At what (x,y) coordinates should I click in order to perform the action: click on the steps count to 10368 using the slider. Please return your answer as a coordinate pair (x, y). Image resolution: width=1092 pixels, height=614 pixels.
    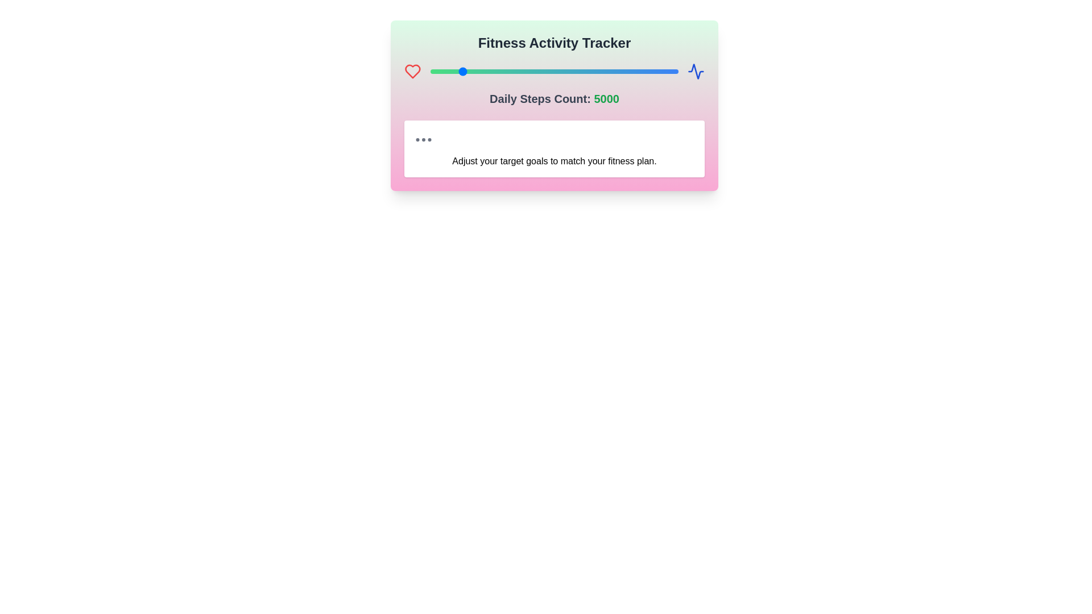
    Looking at the image, I should click on (537, 72).